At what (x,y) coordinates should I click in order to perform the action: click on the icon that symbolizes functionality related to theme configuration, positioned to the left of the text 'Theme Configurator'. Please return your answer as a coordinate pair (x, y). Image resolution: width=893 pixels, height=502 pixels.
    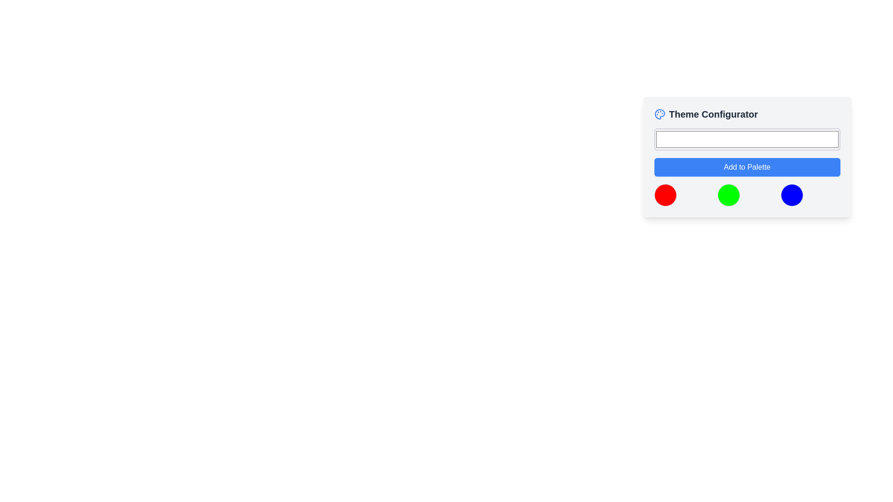
    Looking at the image, I should click on (659, 114).